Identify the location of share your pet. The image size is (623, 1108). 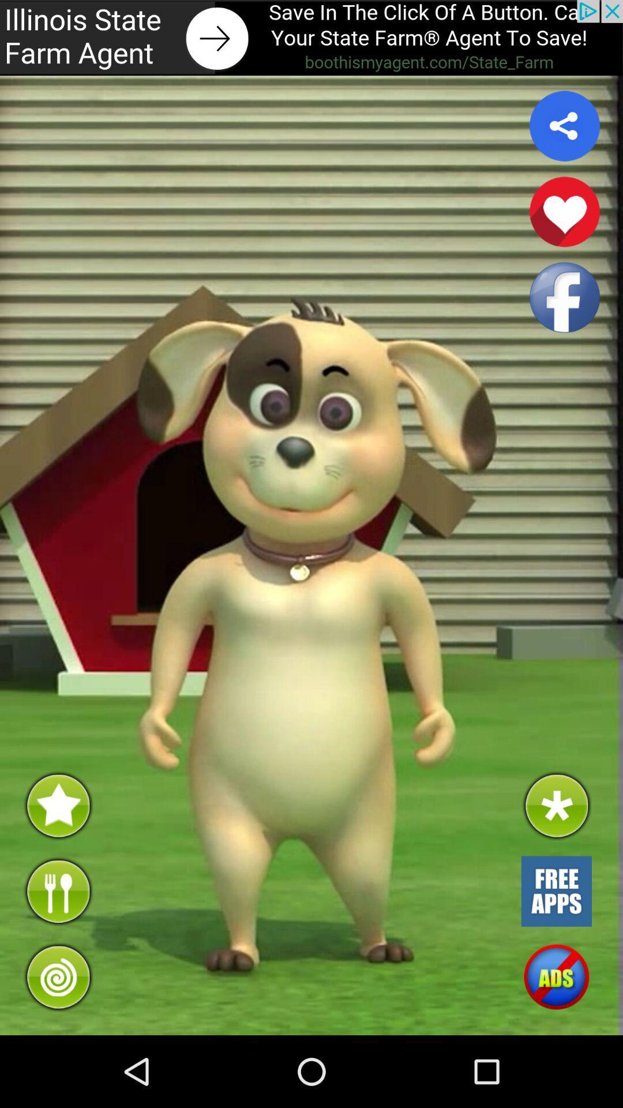
(564, 126).